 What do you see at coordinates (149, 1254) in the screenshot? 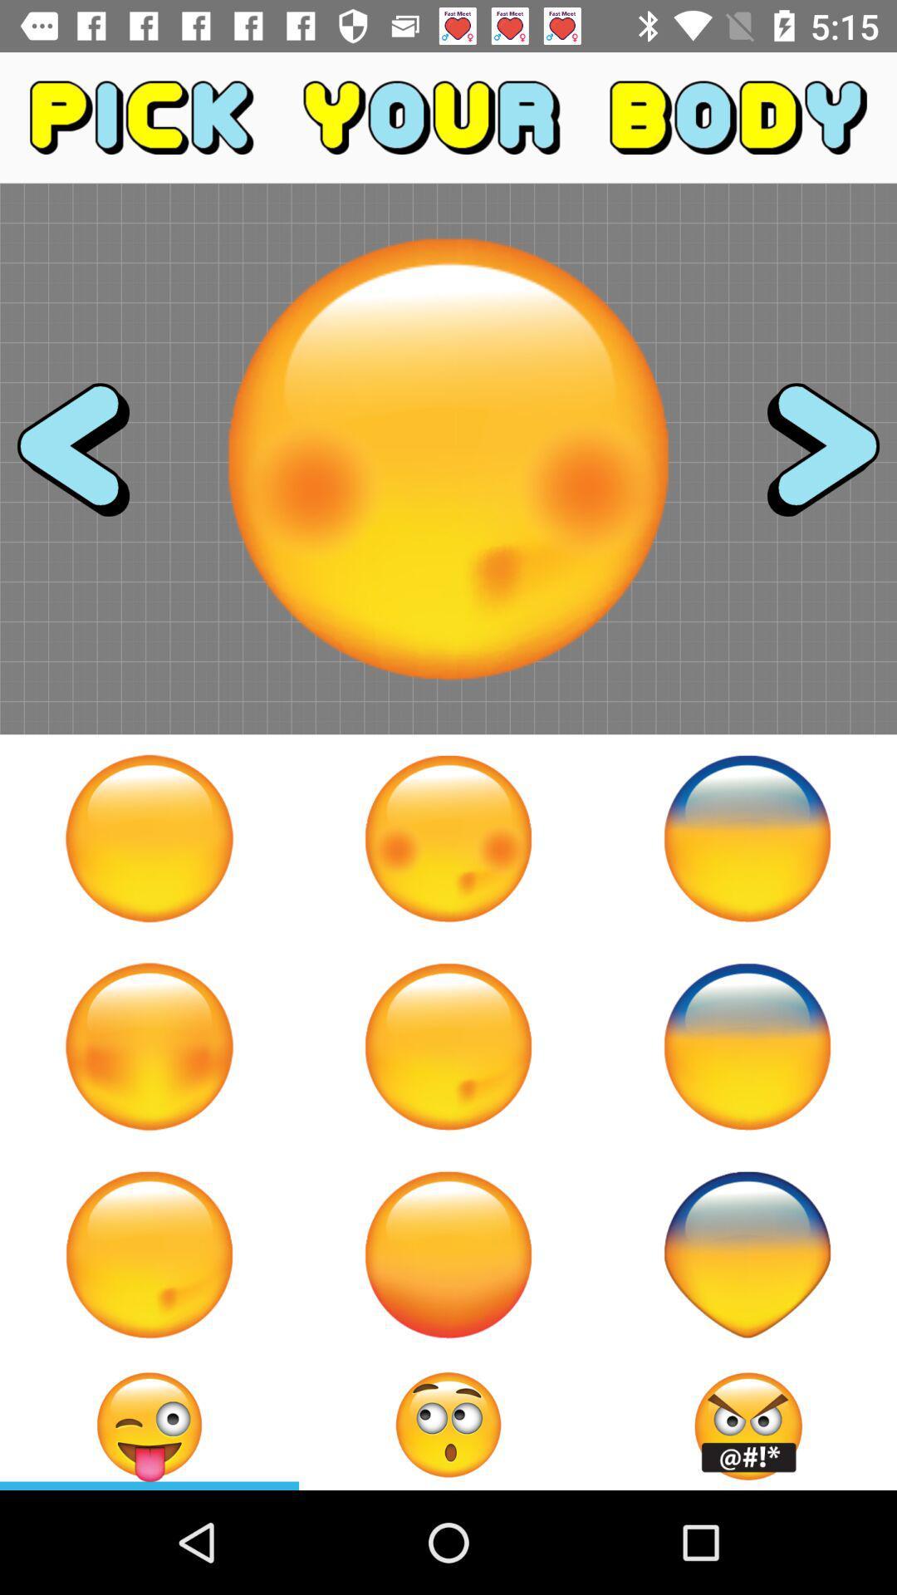
I see `emoticon` at bounding box center [149, 1254].